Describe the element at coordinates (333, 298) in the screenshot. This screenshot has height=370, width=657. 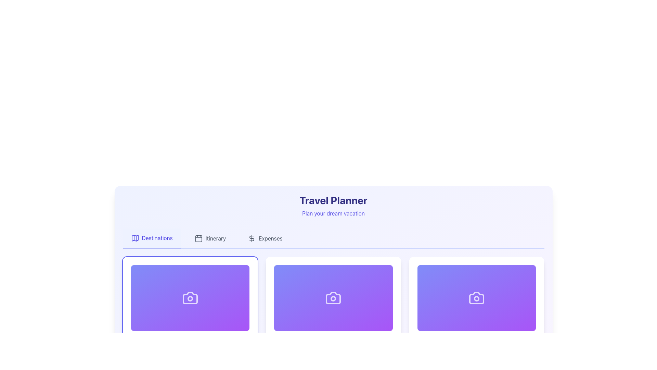
I see `the SVG Circle element that represents the lens within the camera icon located in the middle card beneath the 'Travel Planner' section header` at that location.